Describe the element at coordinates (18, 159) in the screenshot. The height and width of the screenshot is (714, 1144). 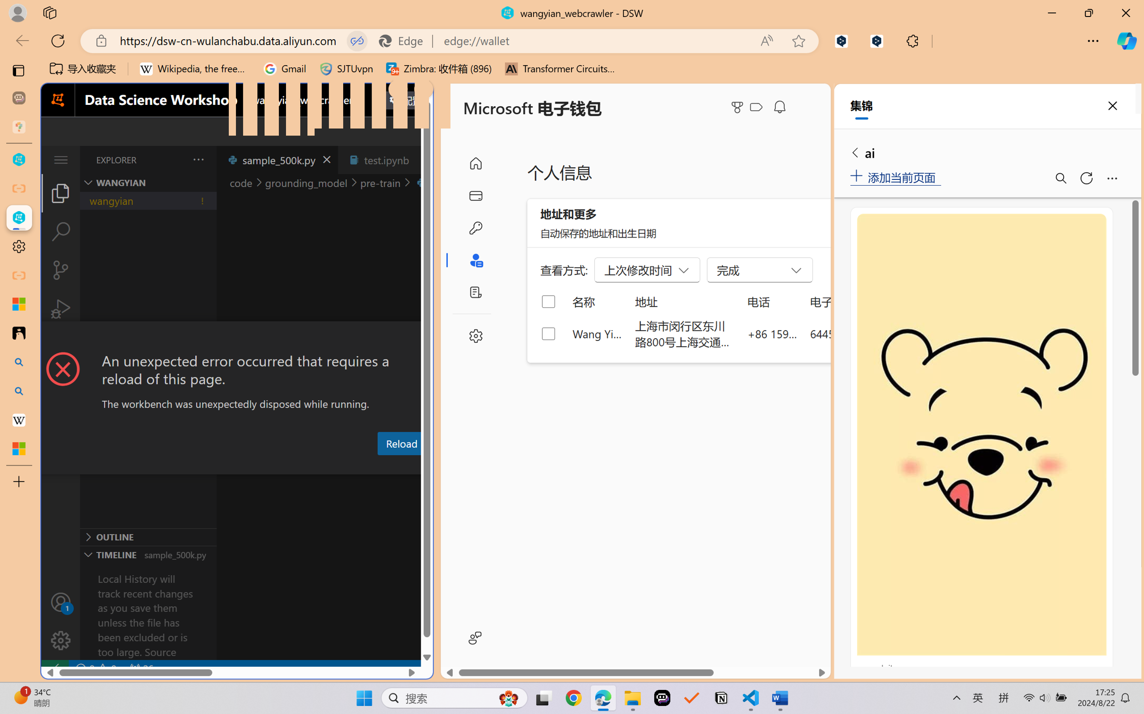
I see `'wangyian_dsw - DSW'` at that location.